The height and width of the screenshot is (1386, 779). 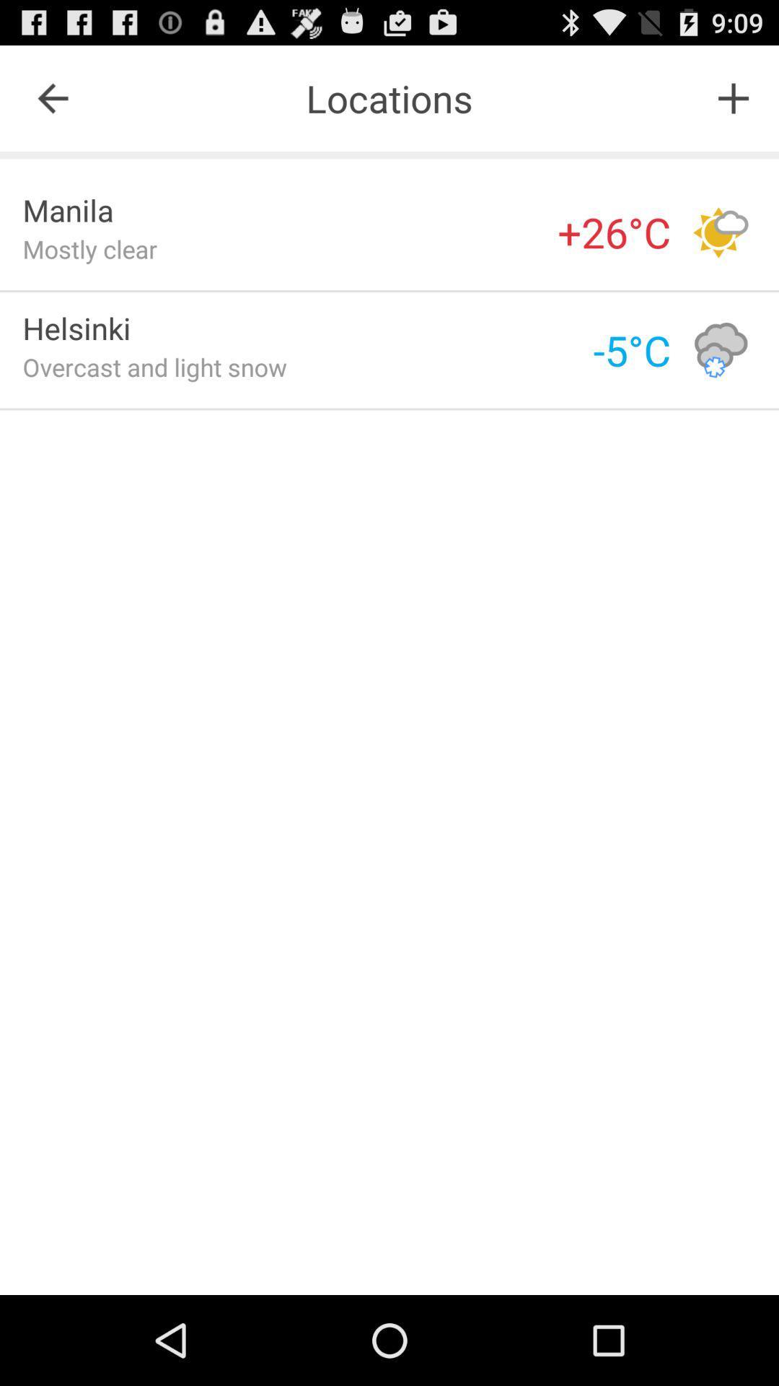 I want to click on icon next to the locations, so click(x=734, y=97).